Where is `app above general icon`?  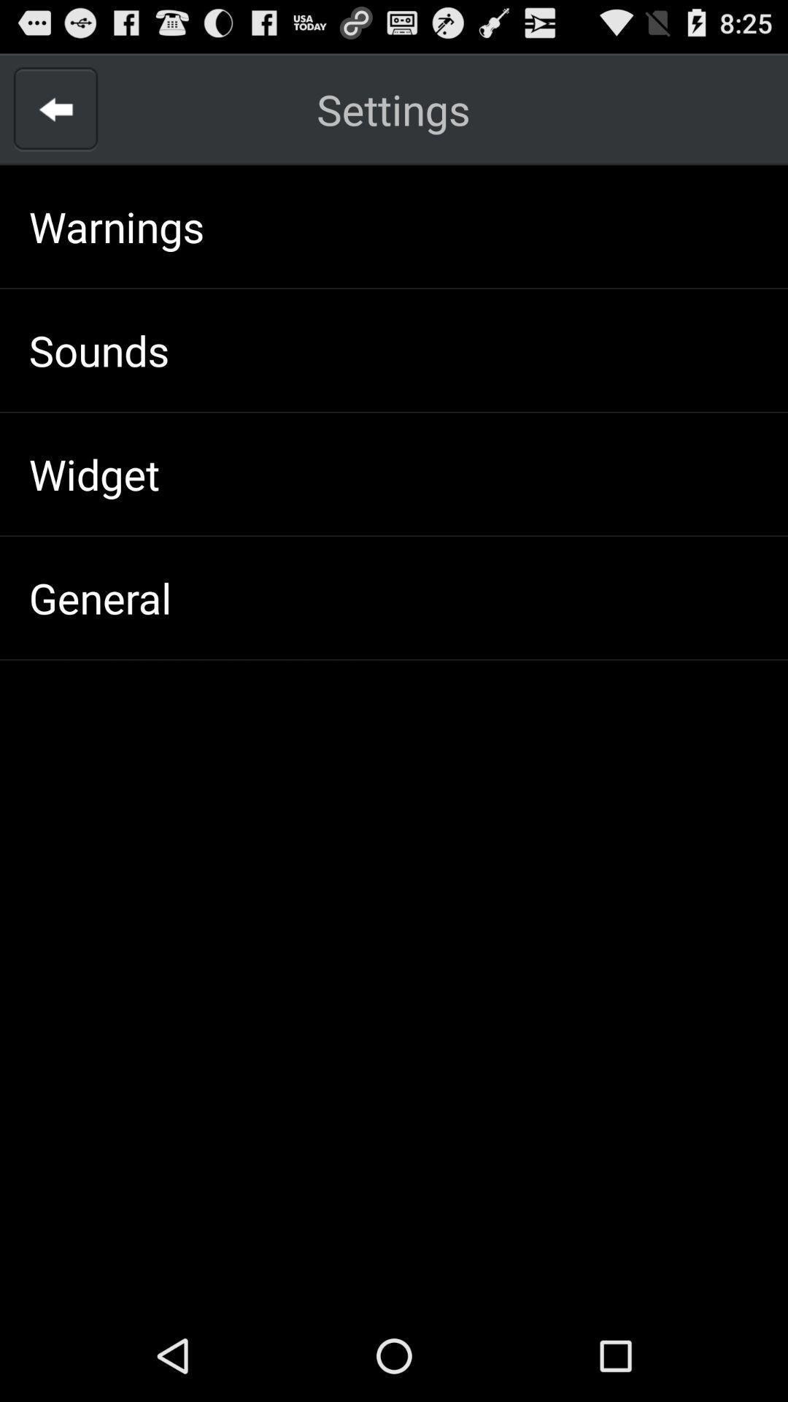
app above general icon is located at coordinates (94, 474).